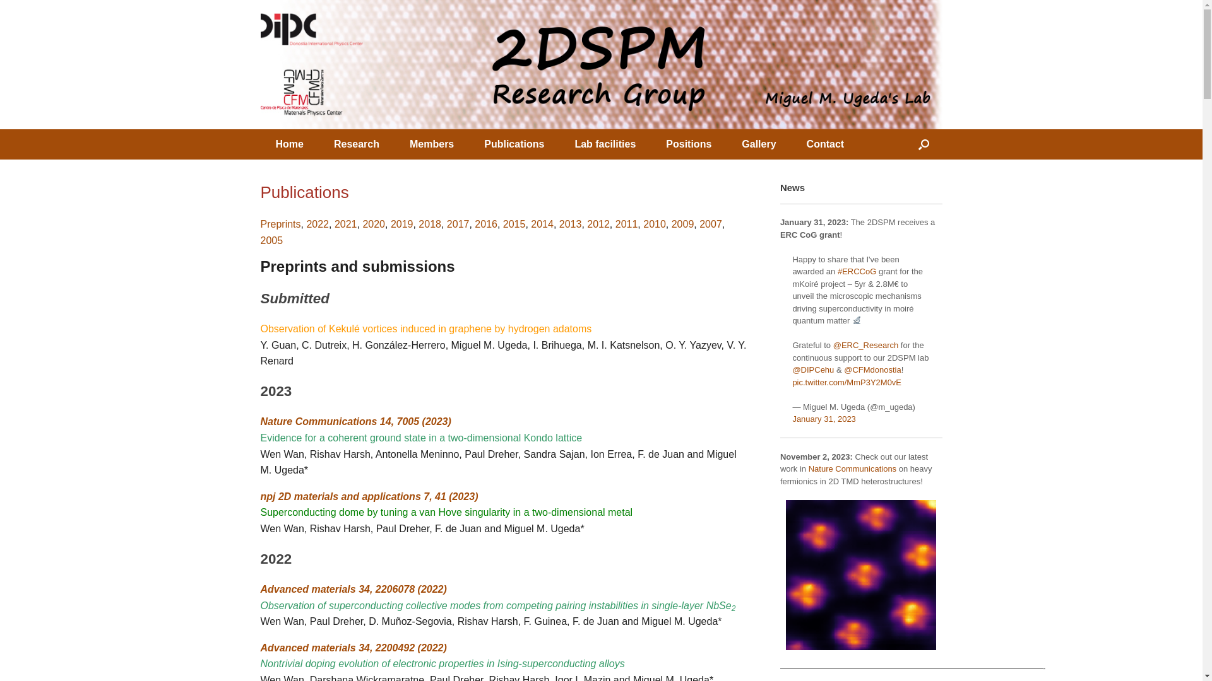  Describe the element at coordinates (356, 143) in the screenshot. I see `'Research'` at that location.